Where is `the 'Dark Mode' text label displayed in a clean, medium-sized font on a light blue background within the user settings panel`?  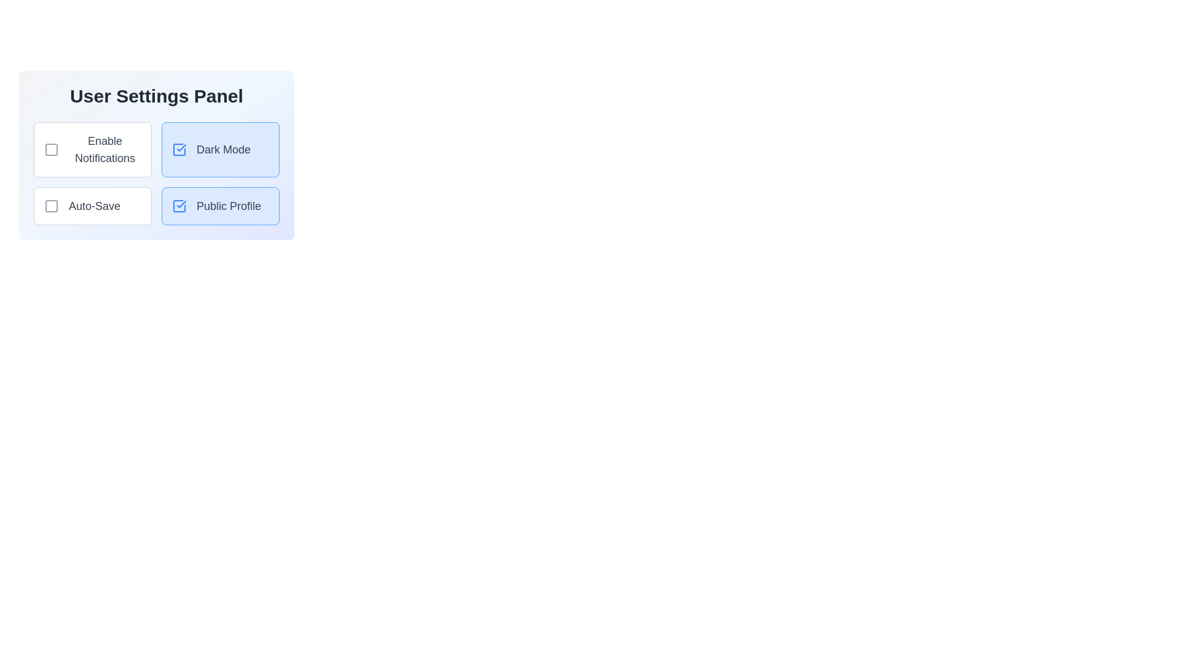
the 'Dark Mode' text label displayed in a clean, medium-sized font on a light blue background within the user settings panel is located at coordinates (224, 149).